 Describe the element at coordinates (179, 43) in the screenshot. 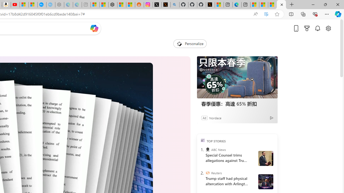

I see `'To get missing image descriptions, open the context menu.'` at that location.